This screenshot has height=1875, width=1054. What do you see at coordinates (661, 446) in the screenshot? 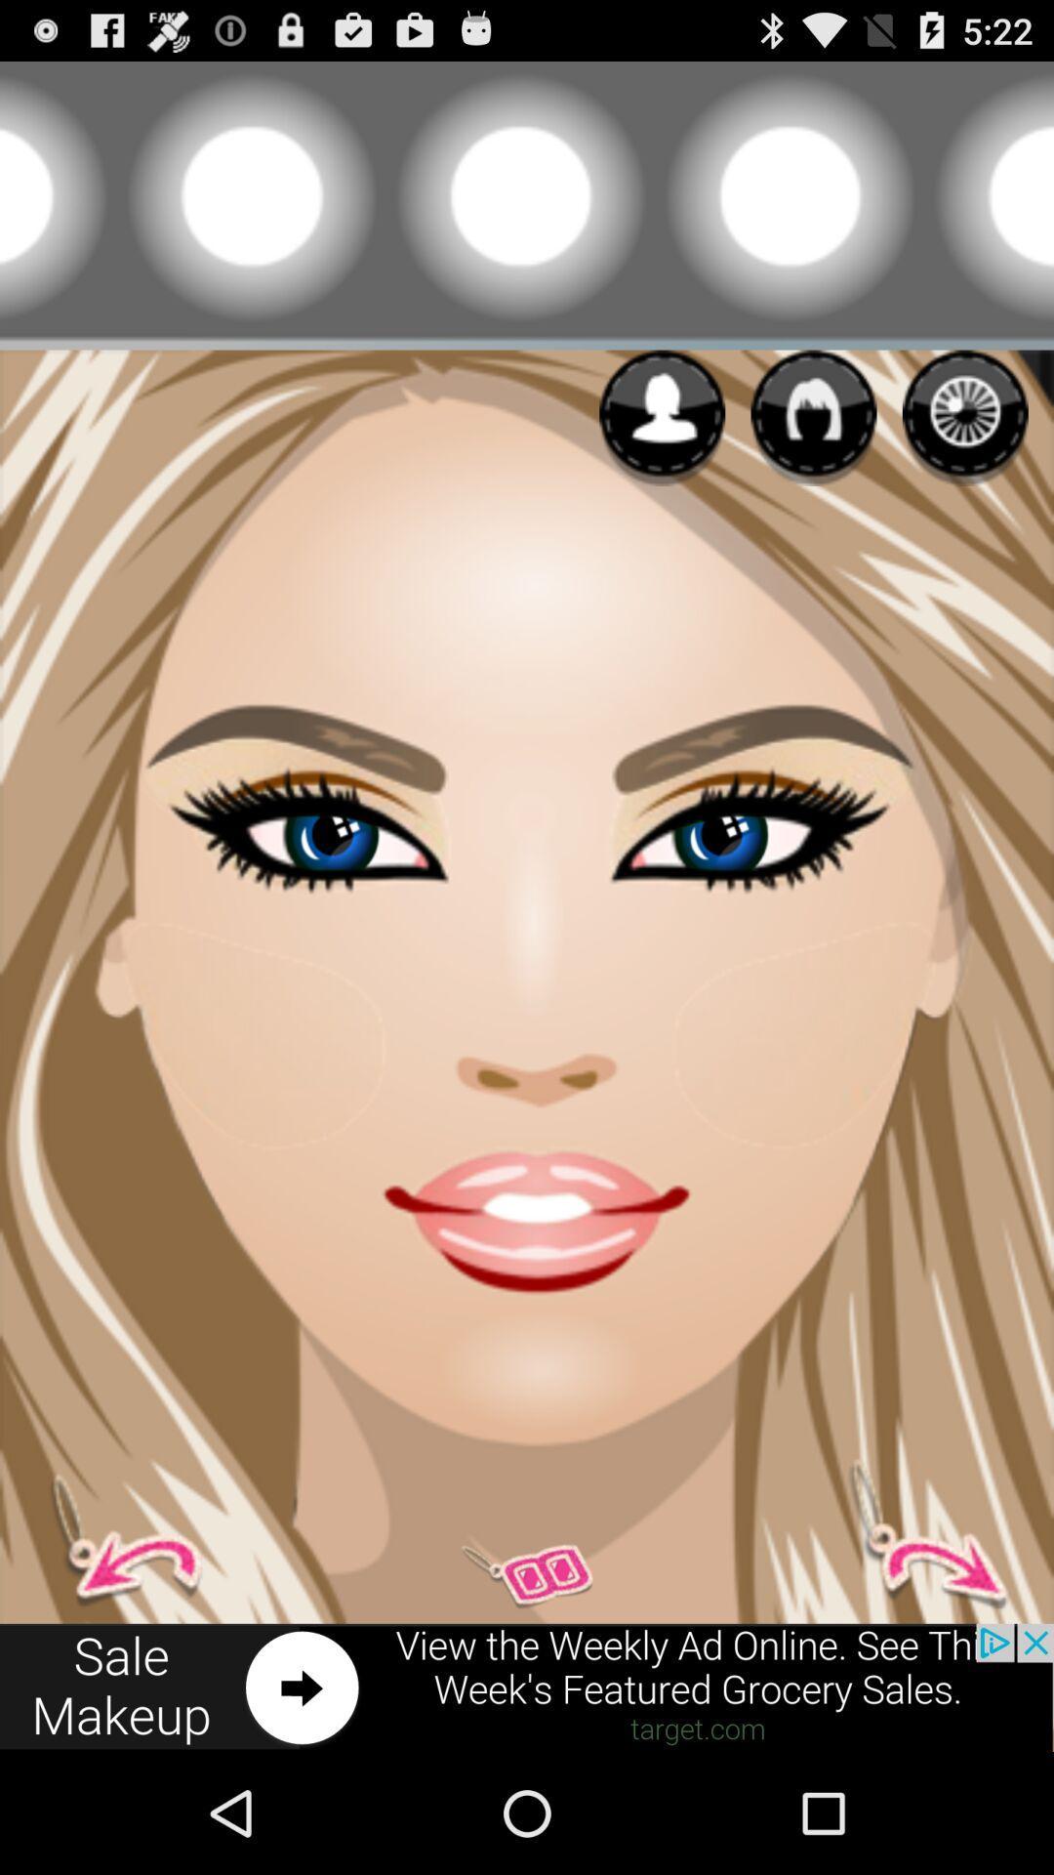
I see `the avatar icon` at bounding box center [661, 446].